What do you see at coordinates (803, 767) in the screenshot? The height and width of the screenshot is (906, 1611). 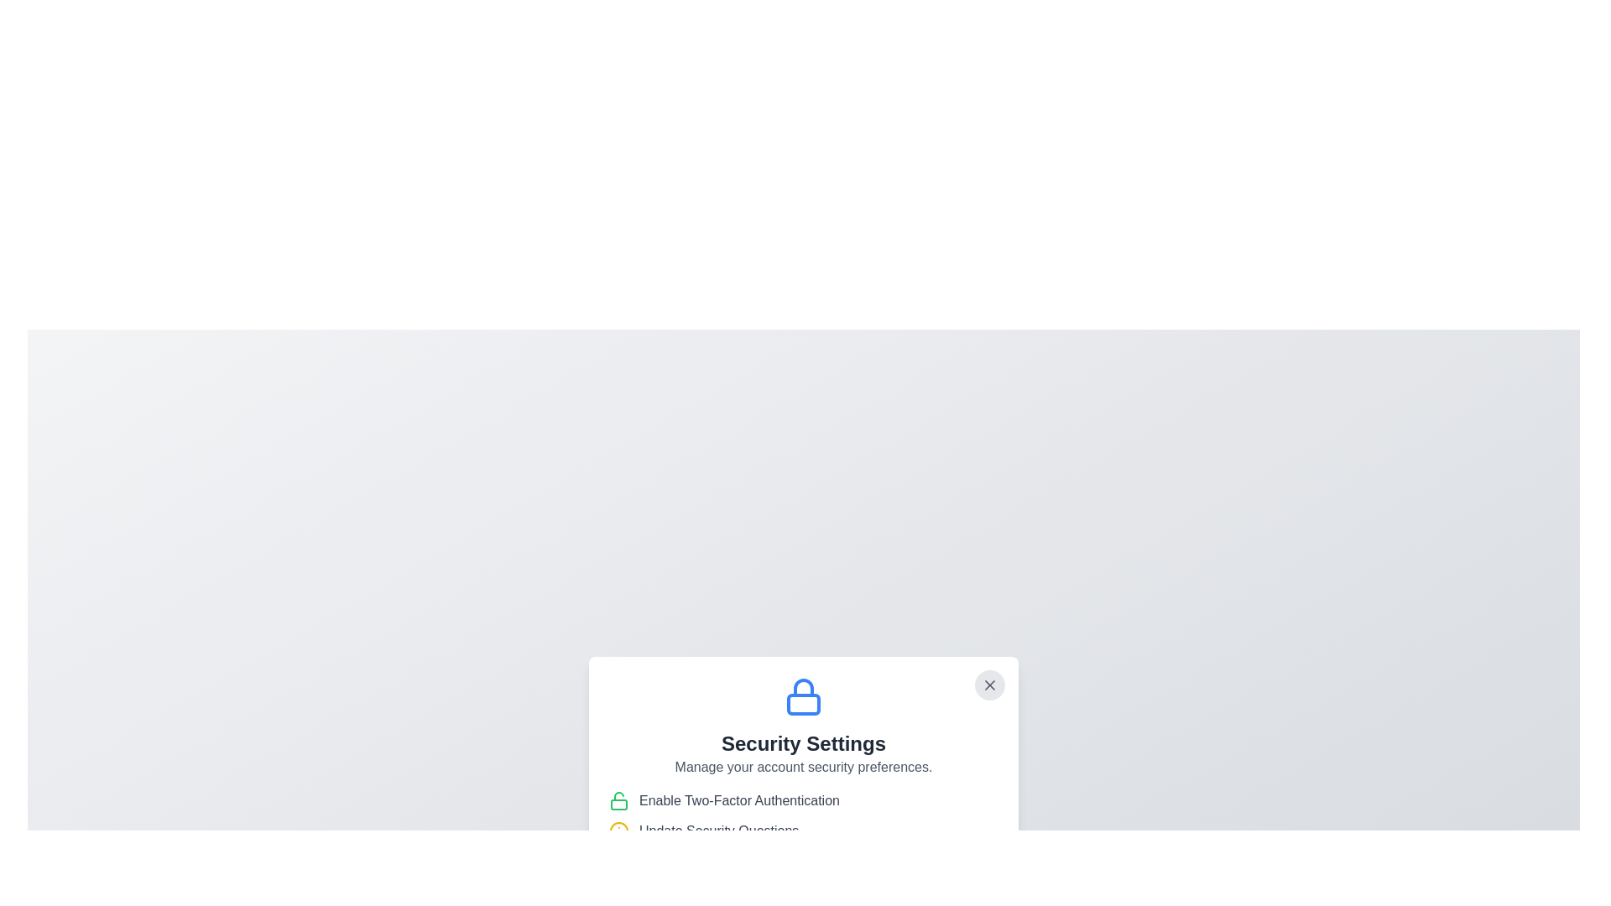 I see `the text element displaying 'Manage your account security preferences.' which is located below the 'Security Settings' heading` at bounding box center [803, 767].